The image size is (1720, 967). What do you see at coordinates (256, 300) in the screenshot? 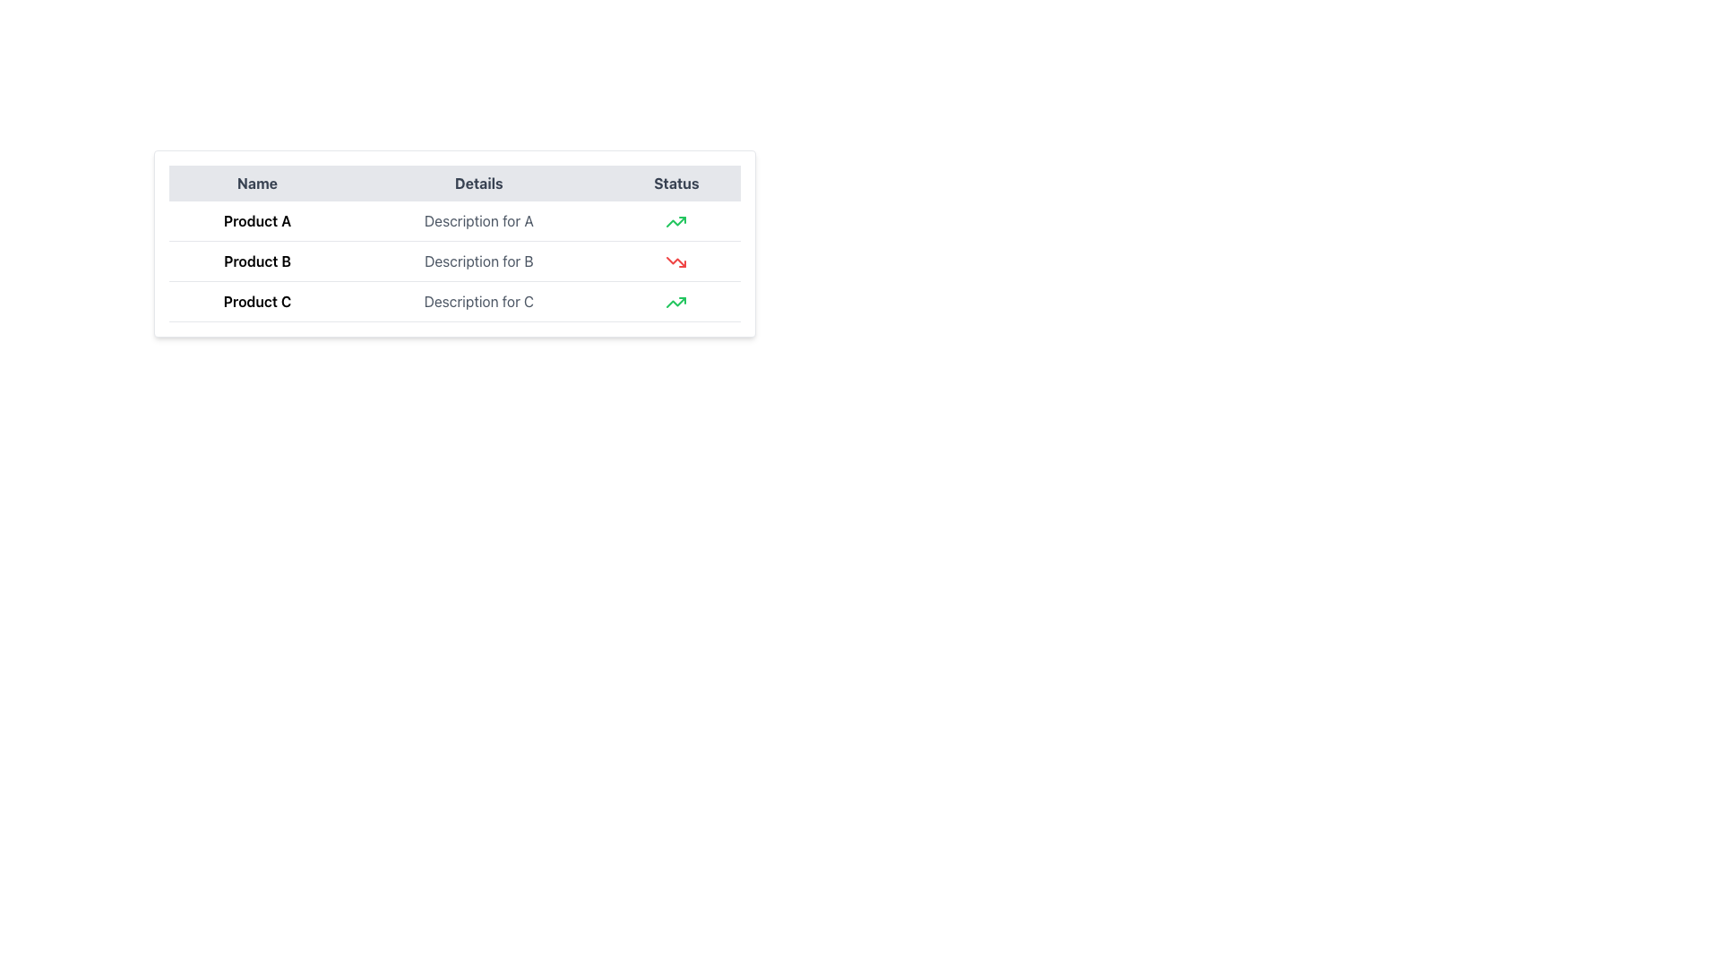
I see `the Static Text Label displaying 'Product C' in bold font, located at the start of the third row in a table structure` at bounding box center [256, 300].